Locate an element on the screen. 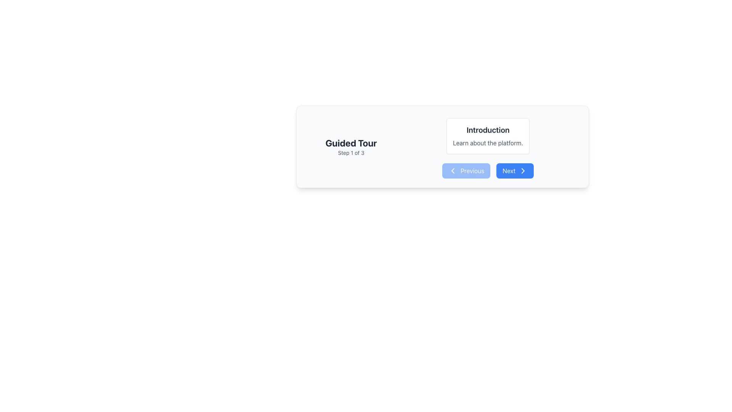 This screenshot has height=412, width=732. the 'Previous' button in the Navigation Button Group located at the bottom center of the interface is located at coordinates (488, 170).